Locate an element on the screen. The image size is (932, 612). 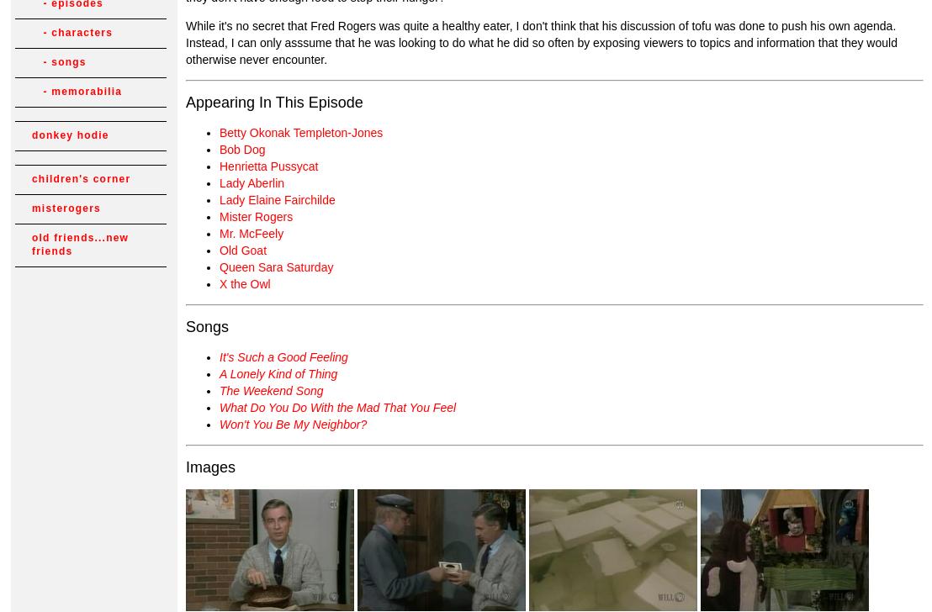
'Old Goat' is located at coordinates (219, 250).